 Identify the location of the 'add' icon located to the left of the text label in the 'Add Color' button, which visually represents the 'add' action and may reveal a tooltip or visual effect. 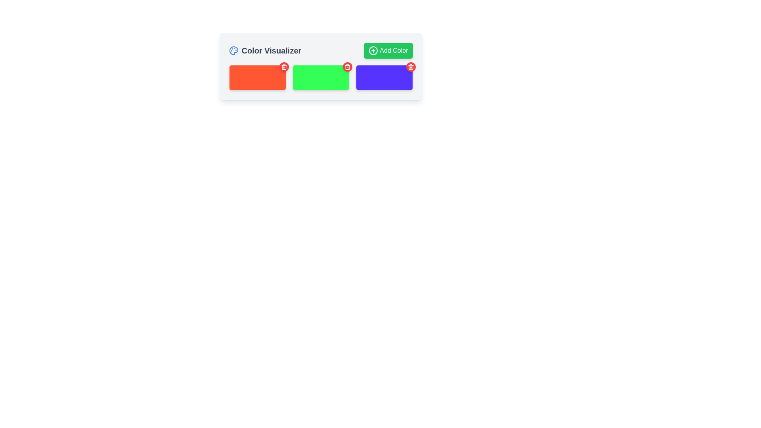
(373, 50).